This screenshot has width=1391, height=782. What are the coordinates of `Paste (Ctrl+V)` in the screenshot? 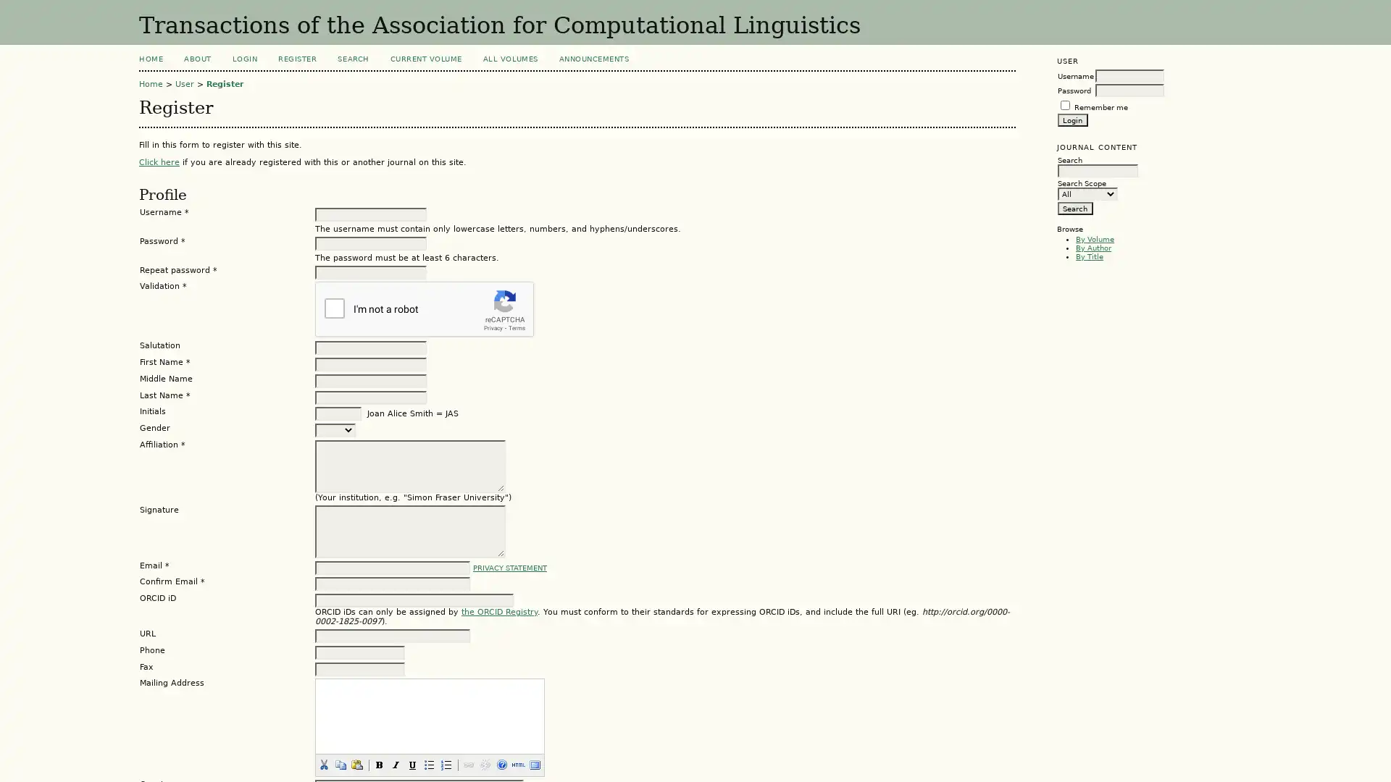 It's located at (356, 764).